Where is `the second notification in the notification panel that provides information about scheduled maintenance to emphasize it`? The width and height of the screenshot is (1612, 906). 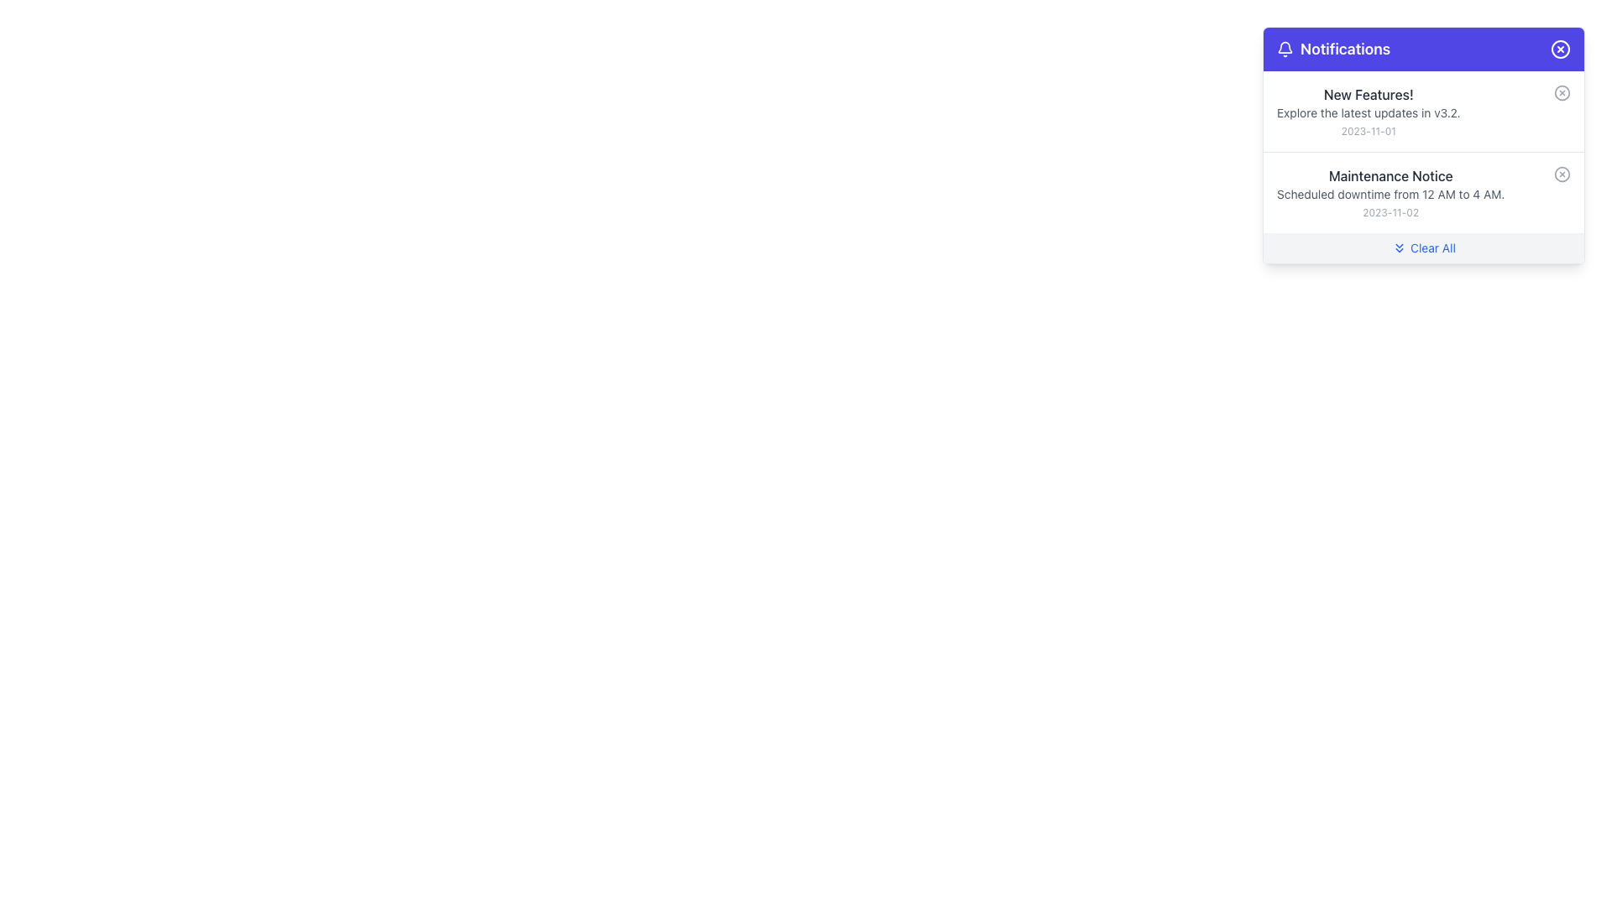
the second notification in the notification panel that provides information about scheduled maintenance to emphasize it is located at coordinates (1390, 192).